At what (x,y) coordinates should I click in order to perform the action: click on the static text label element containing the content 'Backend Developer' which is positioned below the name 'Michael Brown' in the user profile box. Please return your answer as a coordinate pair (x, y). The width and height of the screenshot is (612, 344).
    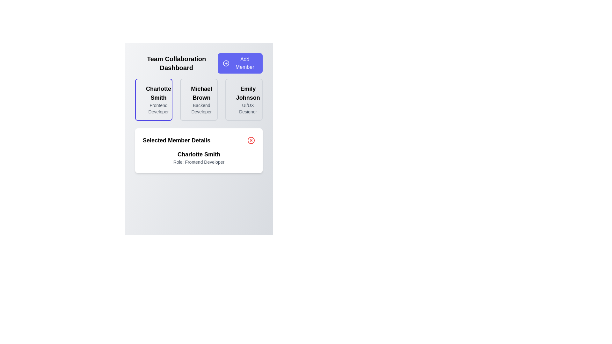
    Looking at the image, I should click on (201, 108).